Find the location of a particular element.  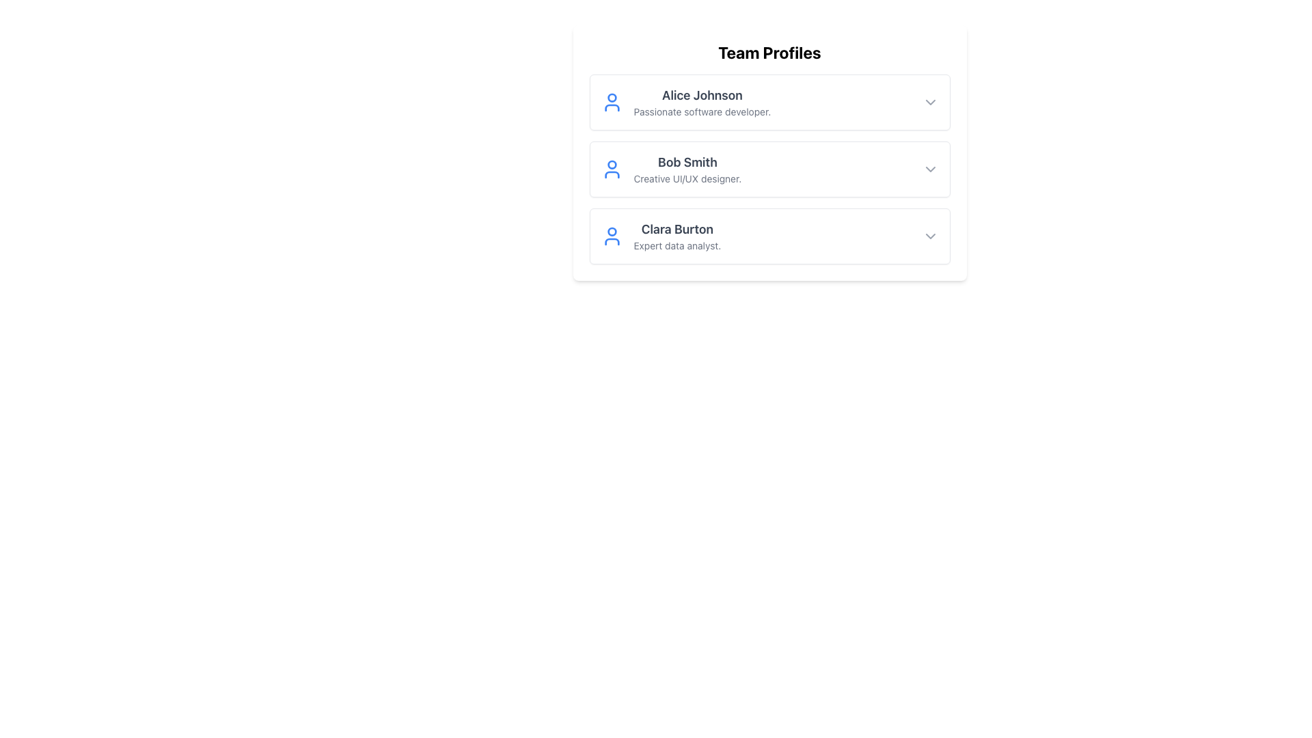

text content of the main title 'Clara Burton' in the third profile card, which is styled in a bold, larger font size and is visually distinct is located at coordinates (677, 228).